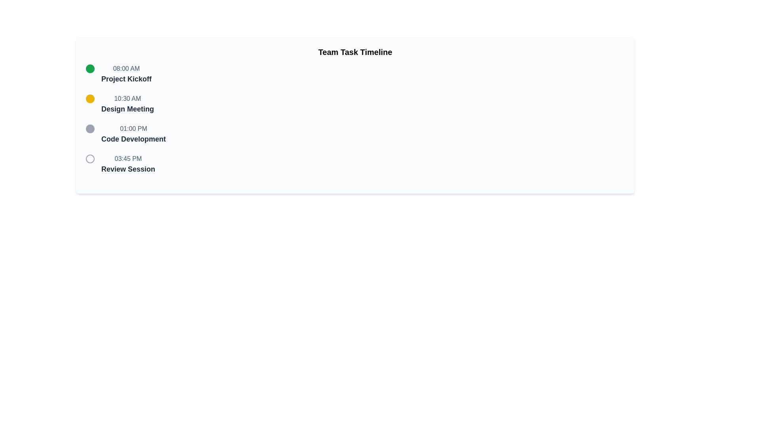 The image size is (760, 427). Describe the element at coordinates (128, 164) in the screenshot. I see `the fourth entry text block` at that location.